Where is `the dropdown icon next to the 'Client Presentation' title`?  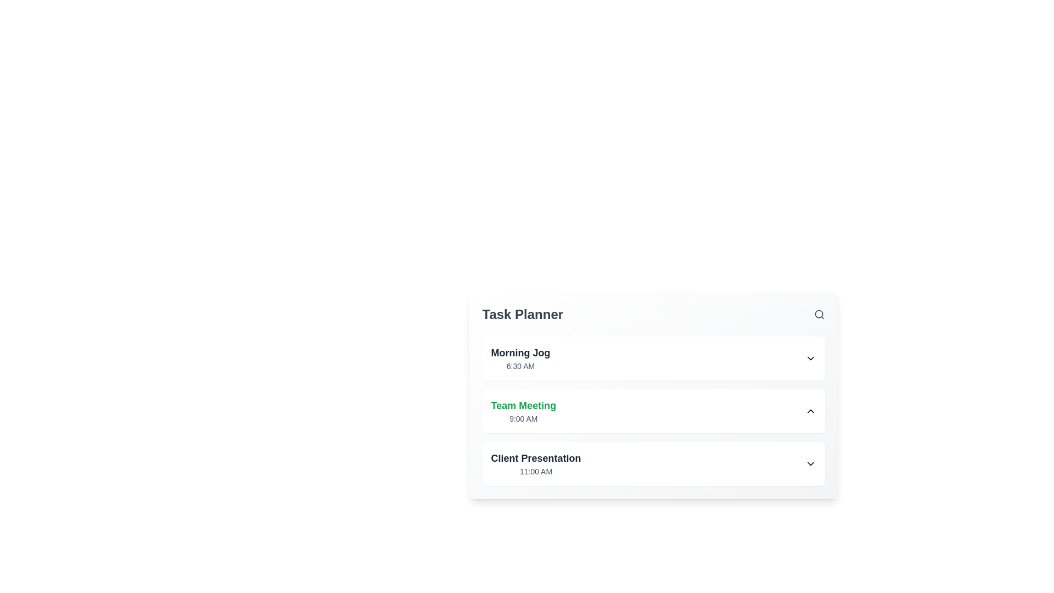 the dropdown icon next to the 'Client Presentation' title is located at coordinates (810, 463).